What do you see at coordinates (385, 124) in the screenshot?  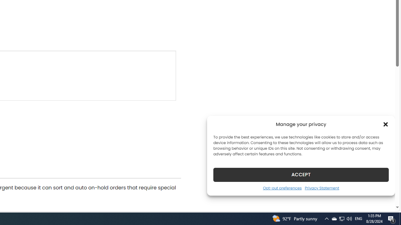 I see `'Class: cmplz-close'` at bounding box center [385, 124].